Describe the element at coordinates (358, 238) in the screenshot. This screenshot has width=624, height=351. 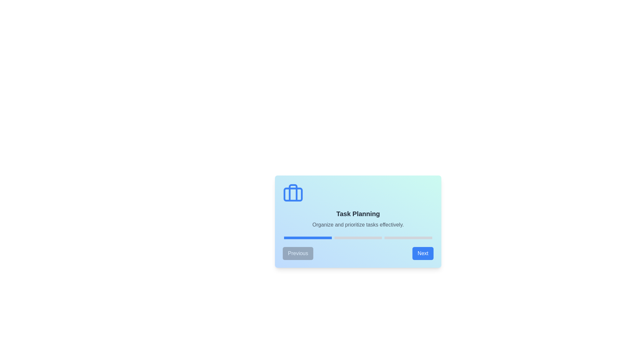
I see `the progress bar to view its details` at that location.